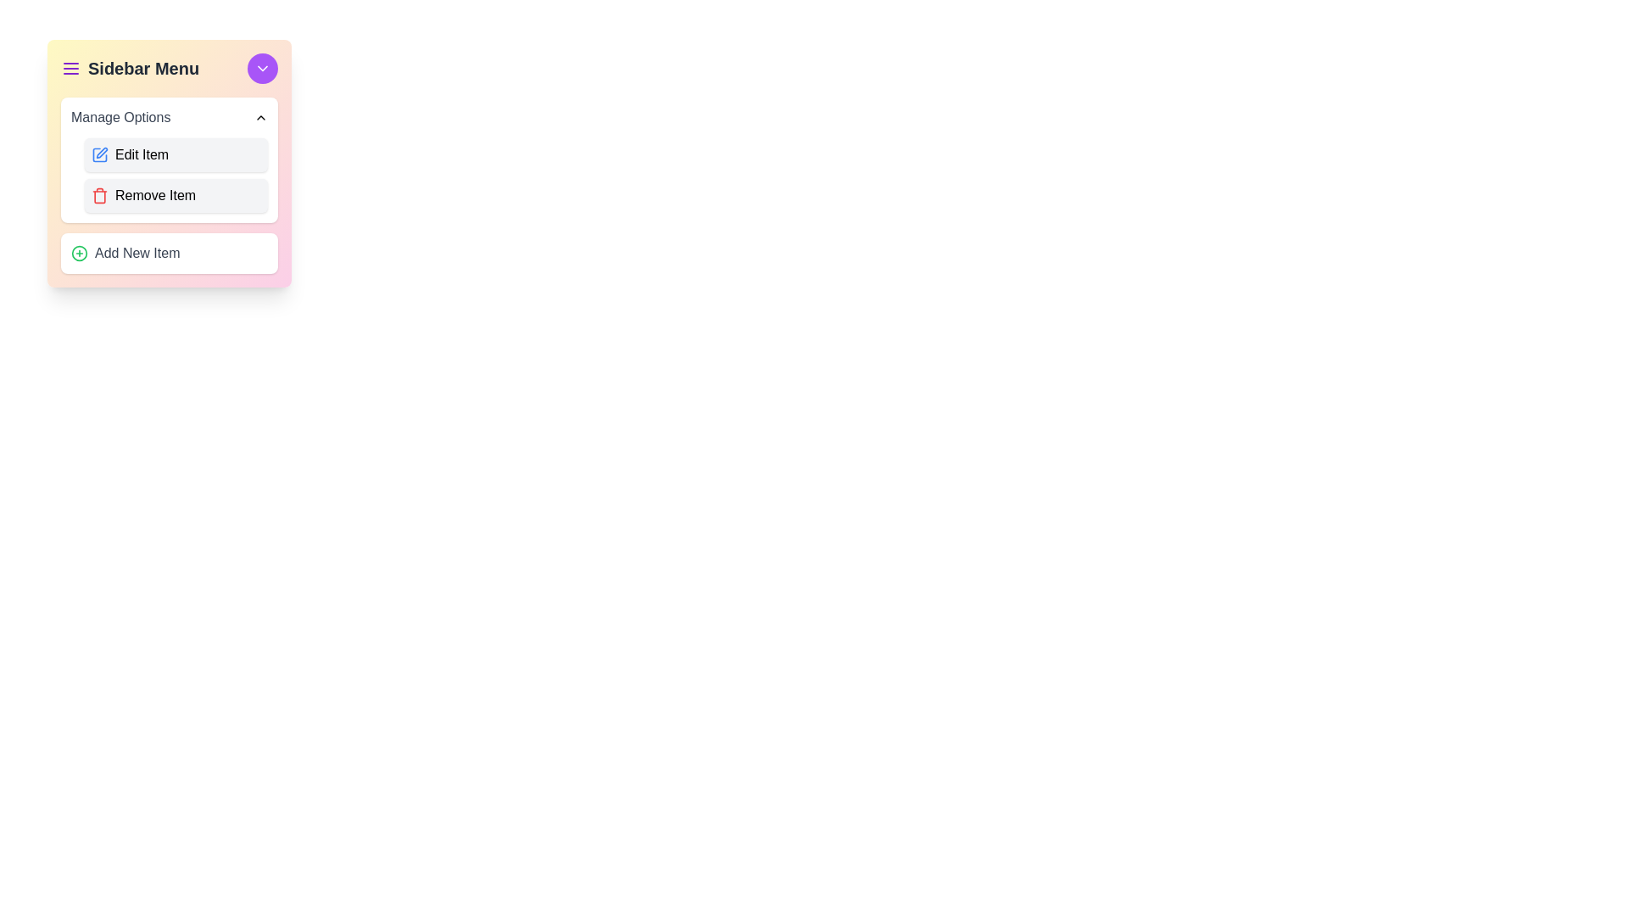 The width and height of the screenshot is (1628, 916). Describe the element at coordinates (176, 154) in the screenshot. I see `the Action button located in the 'Manage Options' section of the sidebar menu` at that location.